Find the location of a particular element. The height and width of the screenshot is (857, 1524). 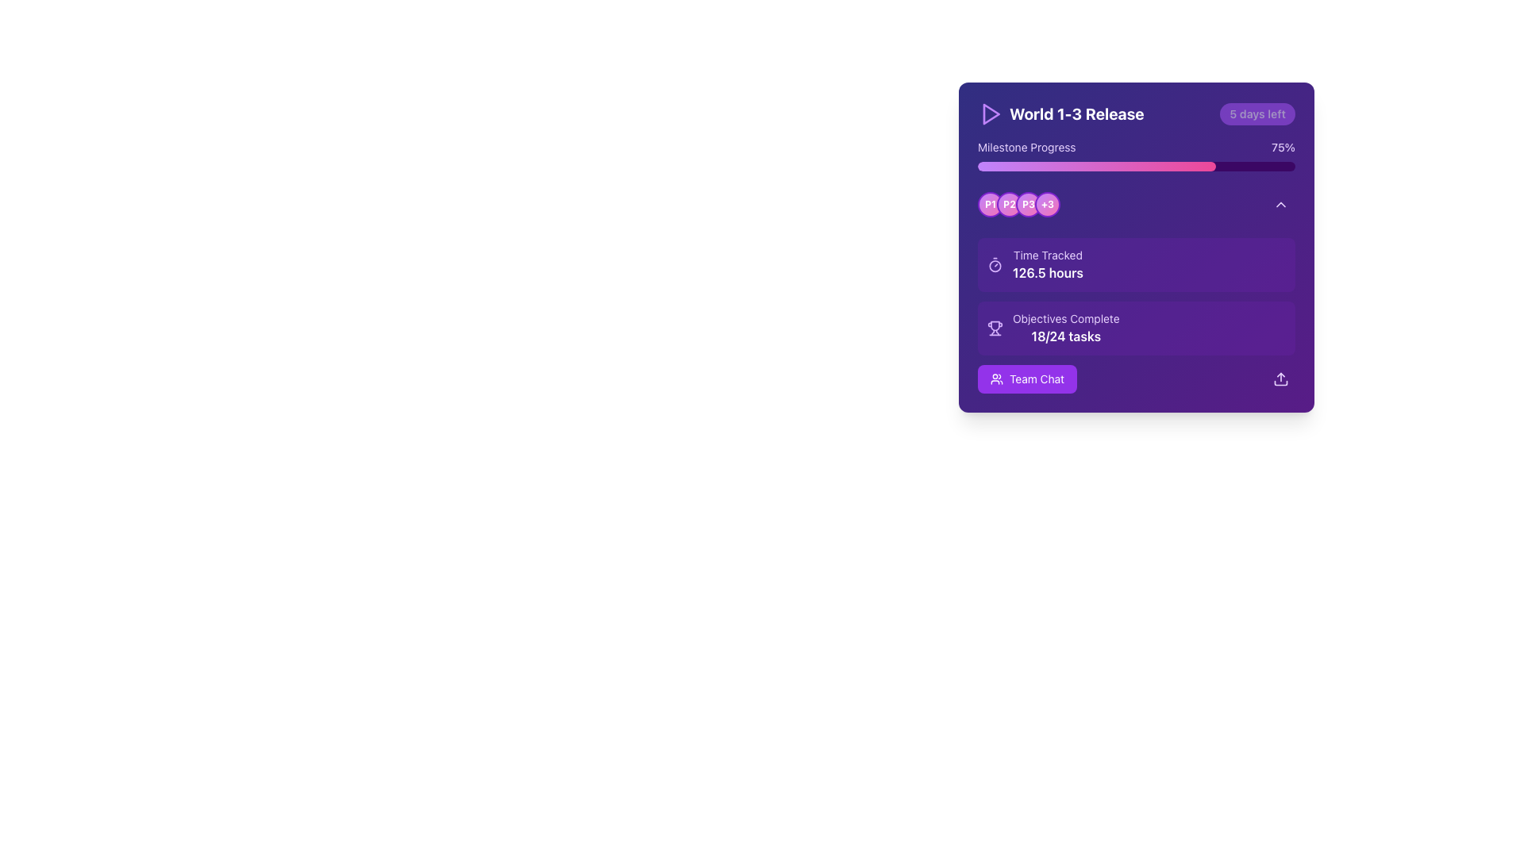

the label indicating '5 days left' which is positioned at the upper-right corner of the dashboard widget for 'World 1-3 Release' is located at coordinates (1257, 113).